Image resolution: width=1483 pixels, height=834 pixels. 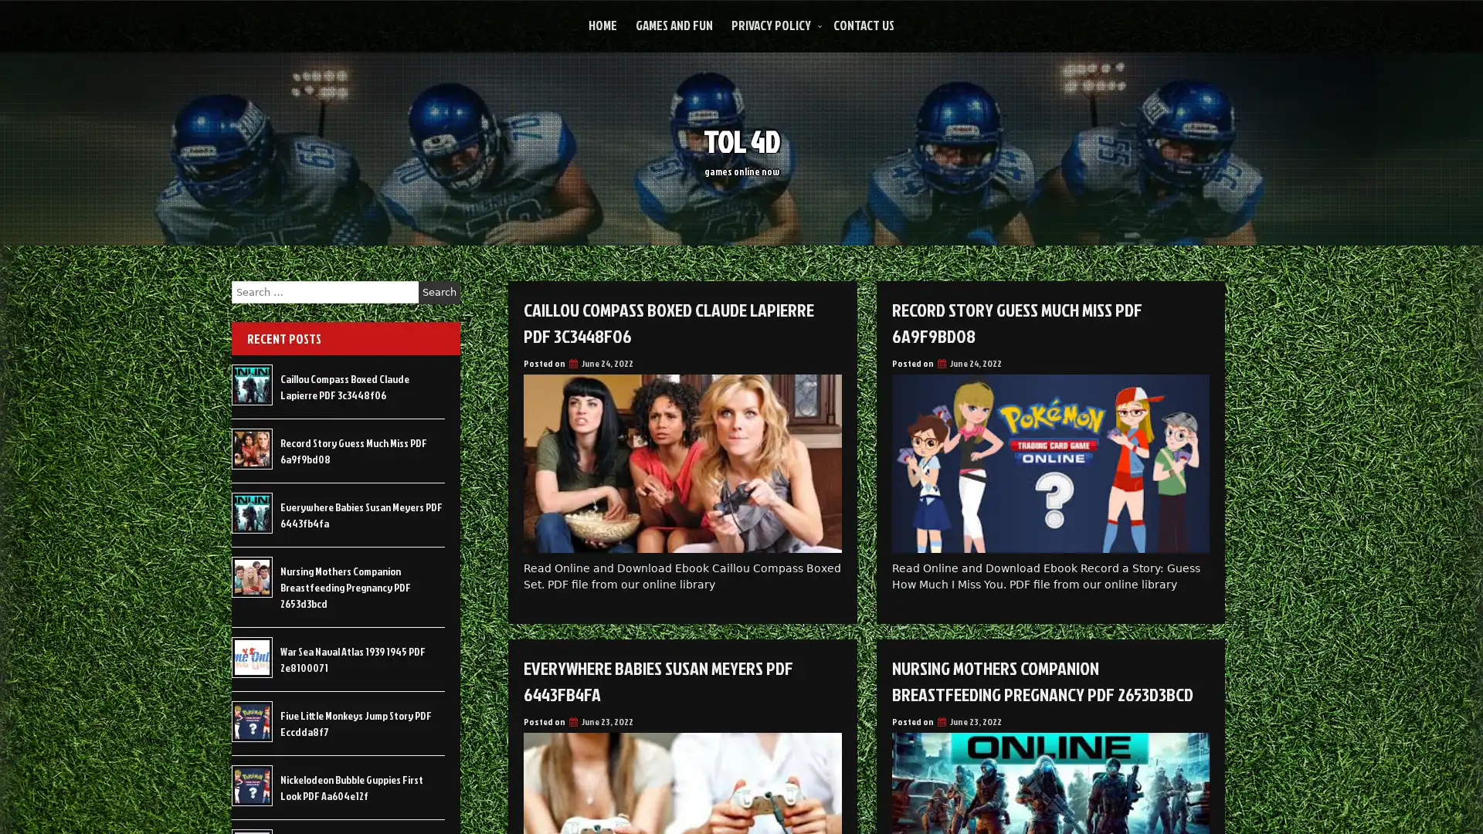 I want to click on Search, so click(x=439, y=292).